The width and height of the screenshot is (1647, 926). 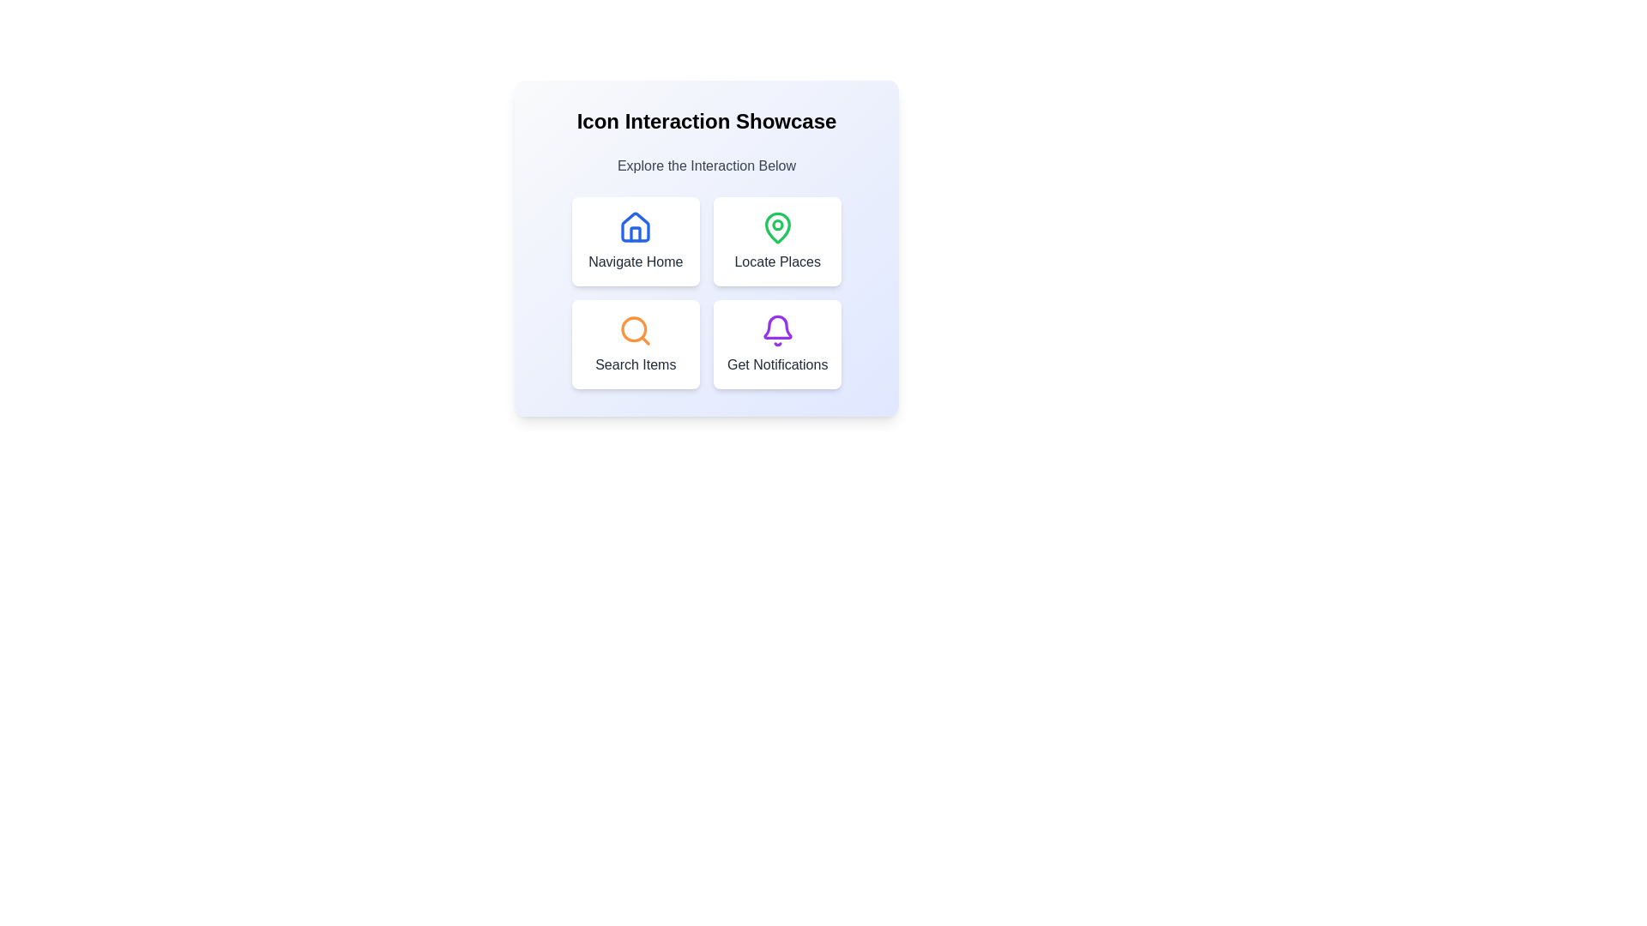 I want to click on the static text element that serves as an introduction for the interactive content, located beneath the title 'Icon Interaction Showcase', so click(x=707, y=165).